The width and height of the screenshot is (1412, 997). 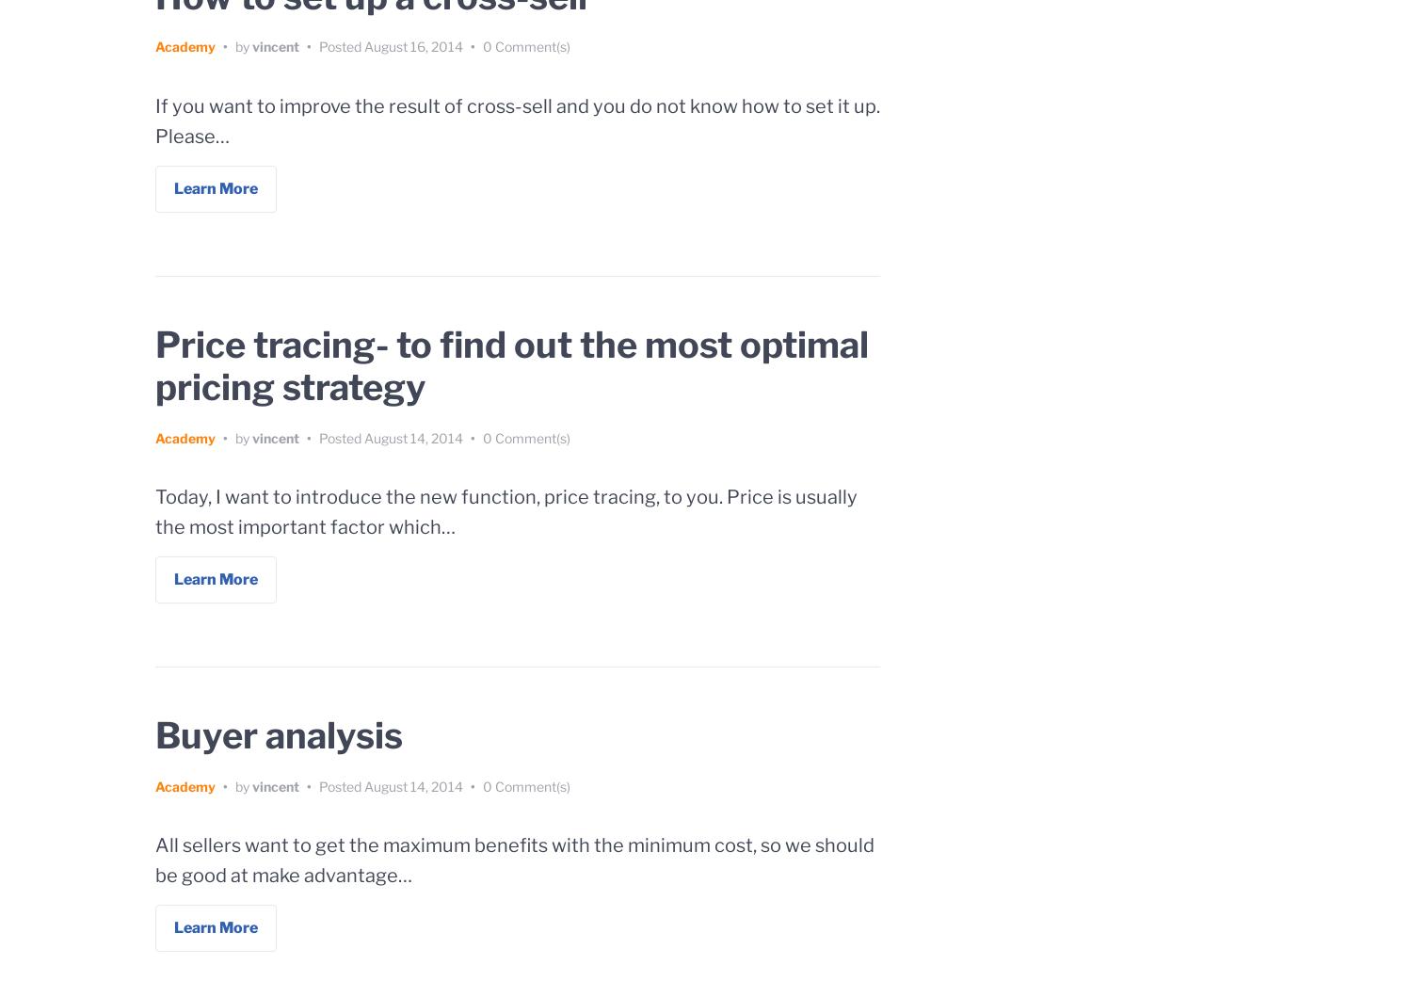 What do you see at coordinates (412, 46) in the screenshot?
I see `'August 16, 2014'` at bounding box center [412, 46].